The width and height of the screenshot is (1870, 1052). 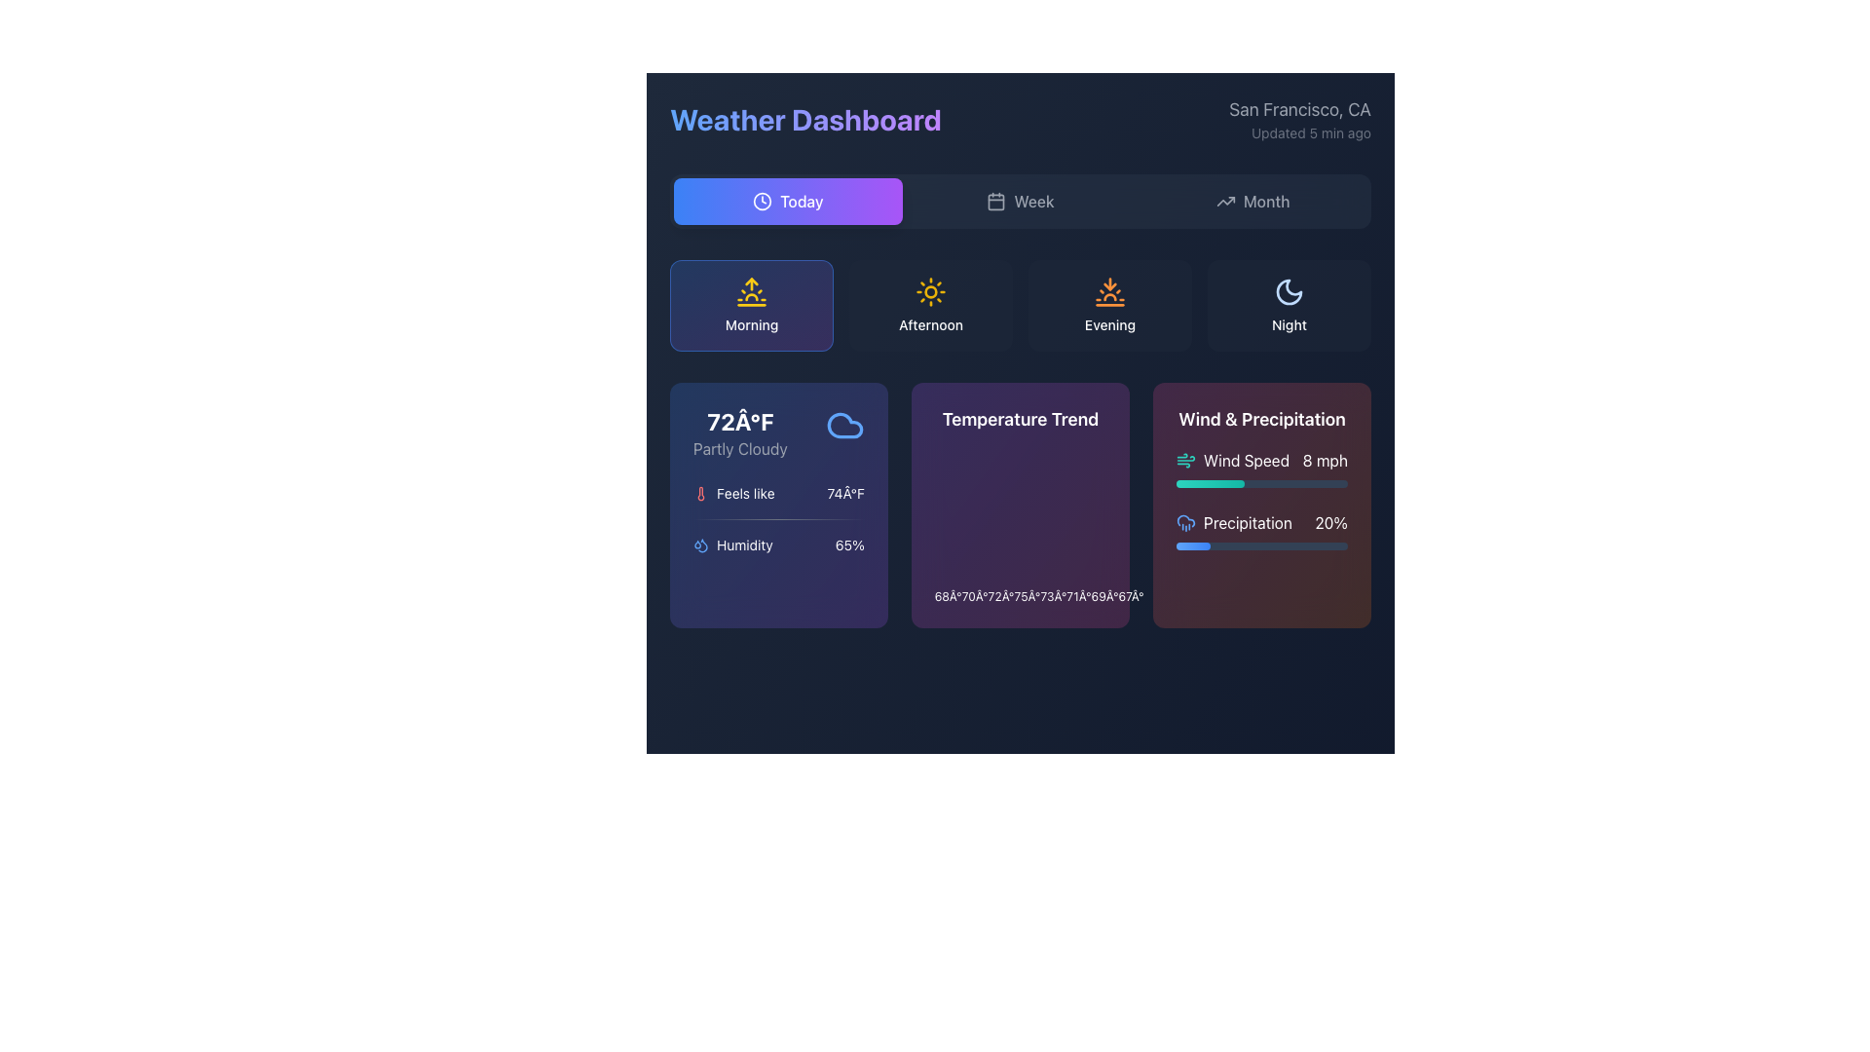 What do you see at coordinates (732, 492) in the screenshot?
I see `'Feels like' label with a thermometer icon, styled in red, located in the leftmost card under the 'Today' section, to the left of '74°F' and above the 'Humidity' label for weather insight` at bounding box center [732, 492].